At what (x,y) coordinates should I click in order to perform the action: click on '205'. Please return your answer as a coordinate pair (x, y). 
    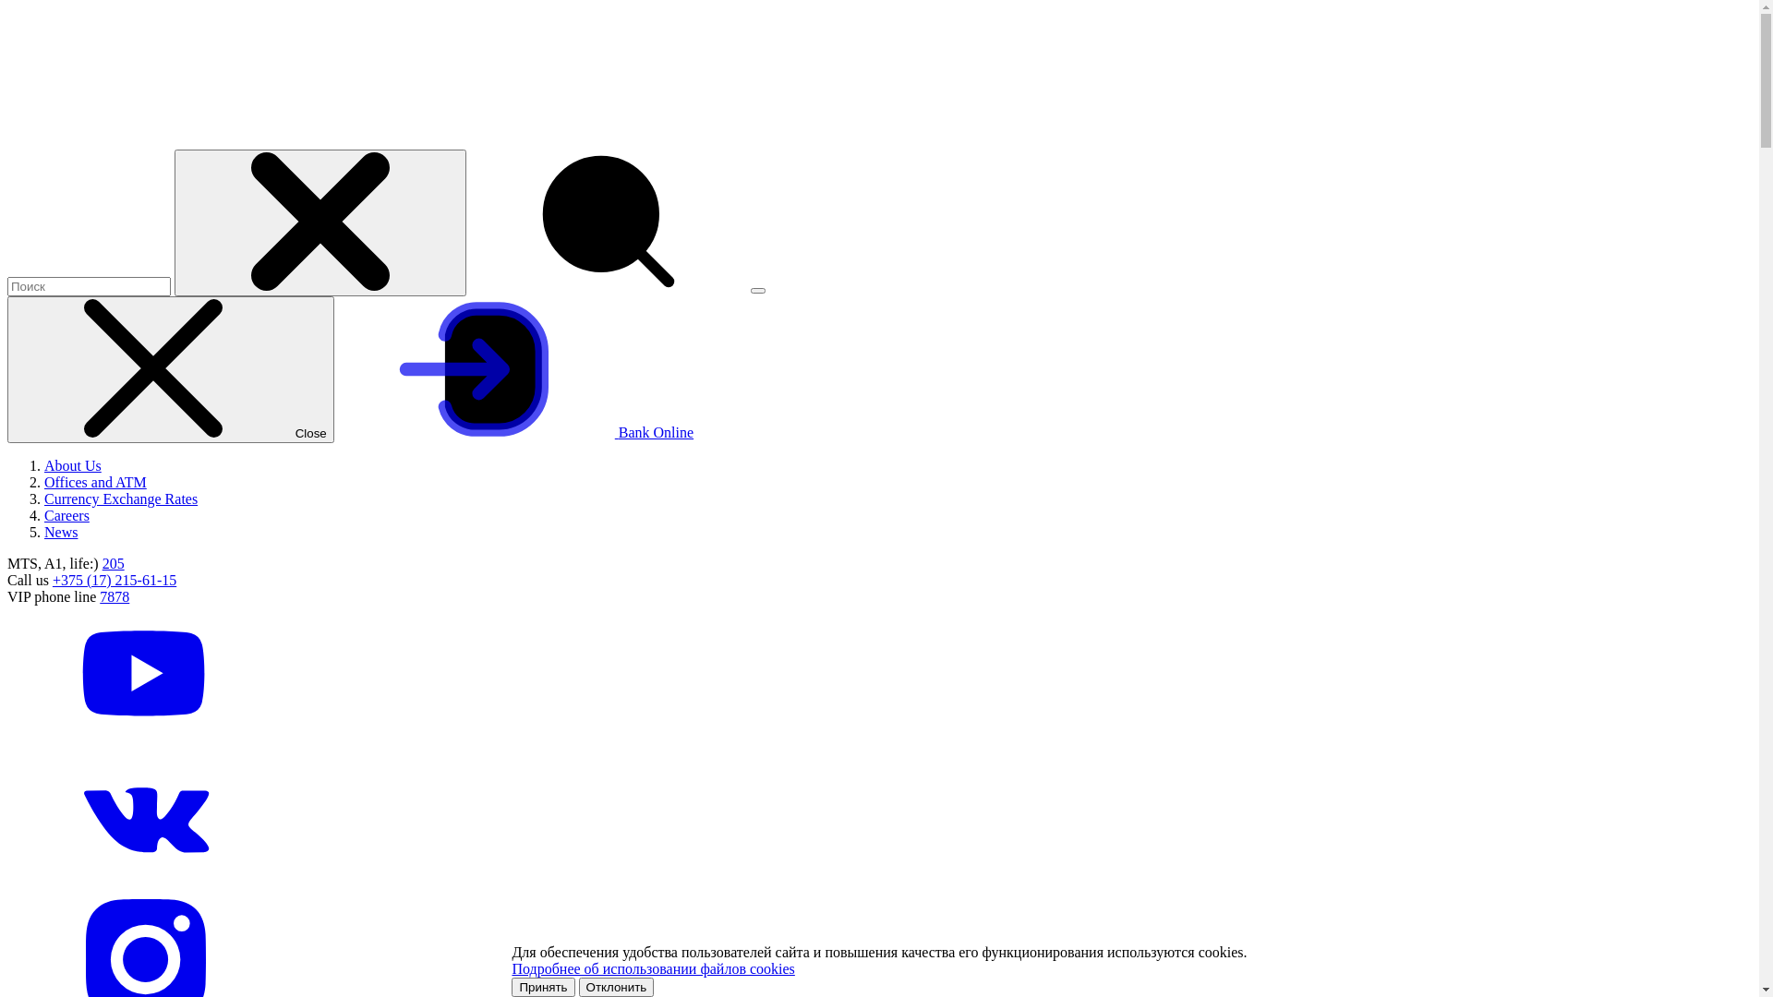
    Looking at the image, I should click on (113, 562).